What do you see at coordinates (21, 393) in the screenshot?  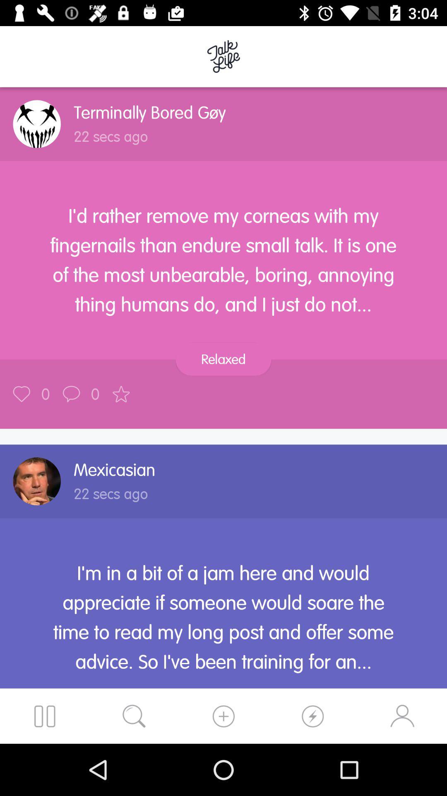 I see `save/favorite post` at bounding box center [21, 393].